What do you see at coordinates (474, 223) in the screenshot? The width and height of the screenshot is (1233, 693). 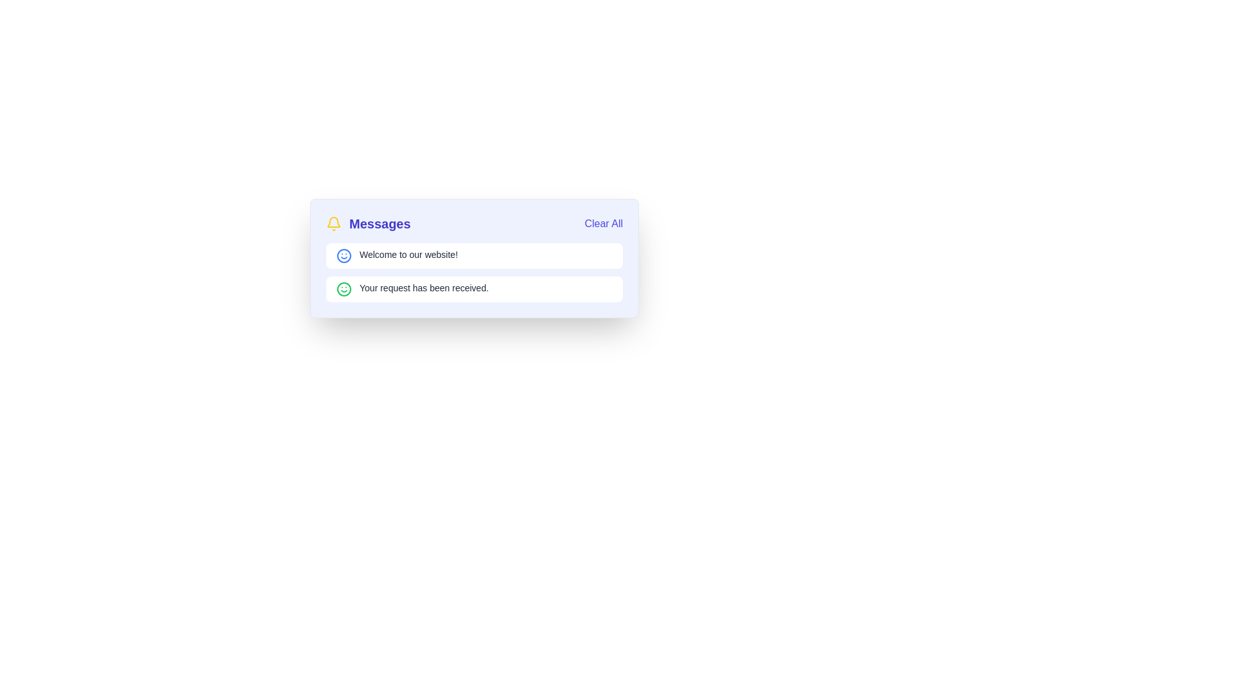 I see `Header element that serves as a title for the messages section, providing an option to clear all messages, to understand its functionality` at bounding box center [474, 223].